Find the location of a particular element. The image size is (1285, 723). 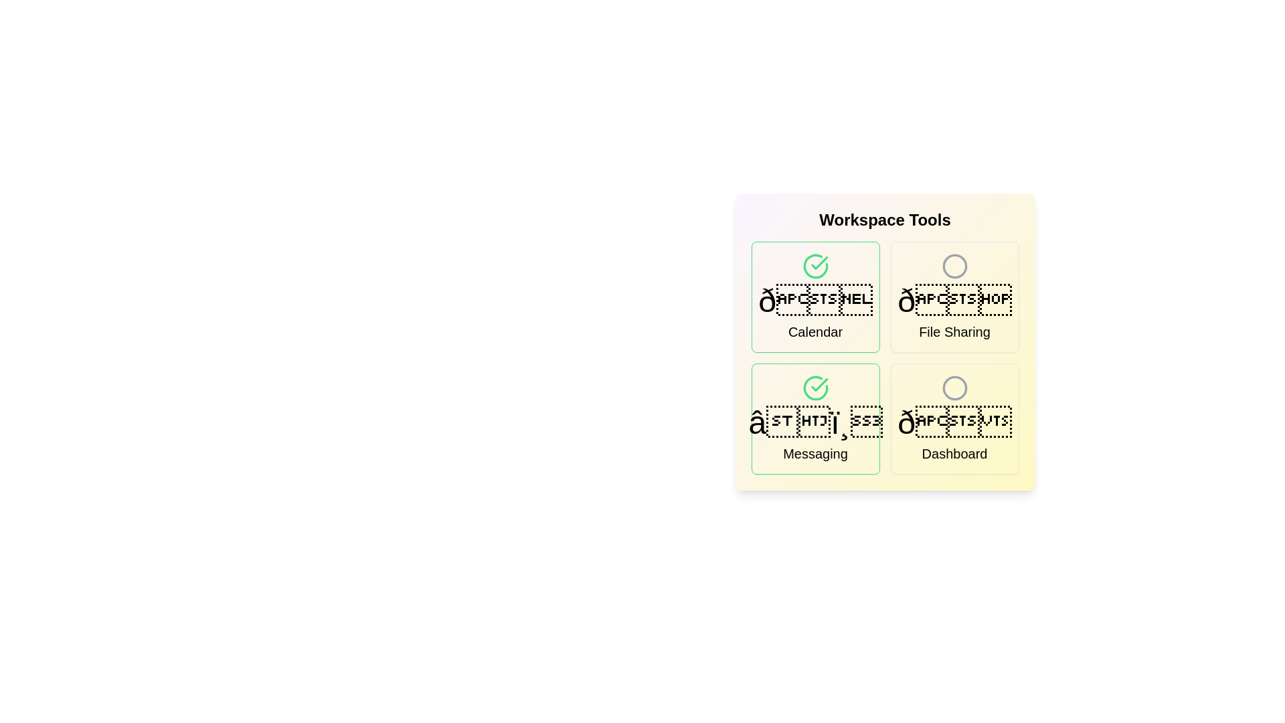

the tool identified by File Sharing is located at coordinates (954, 296).